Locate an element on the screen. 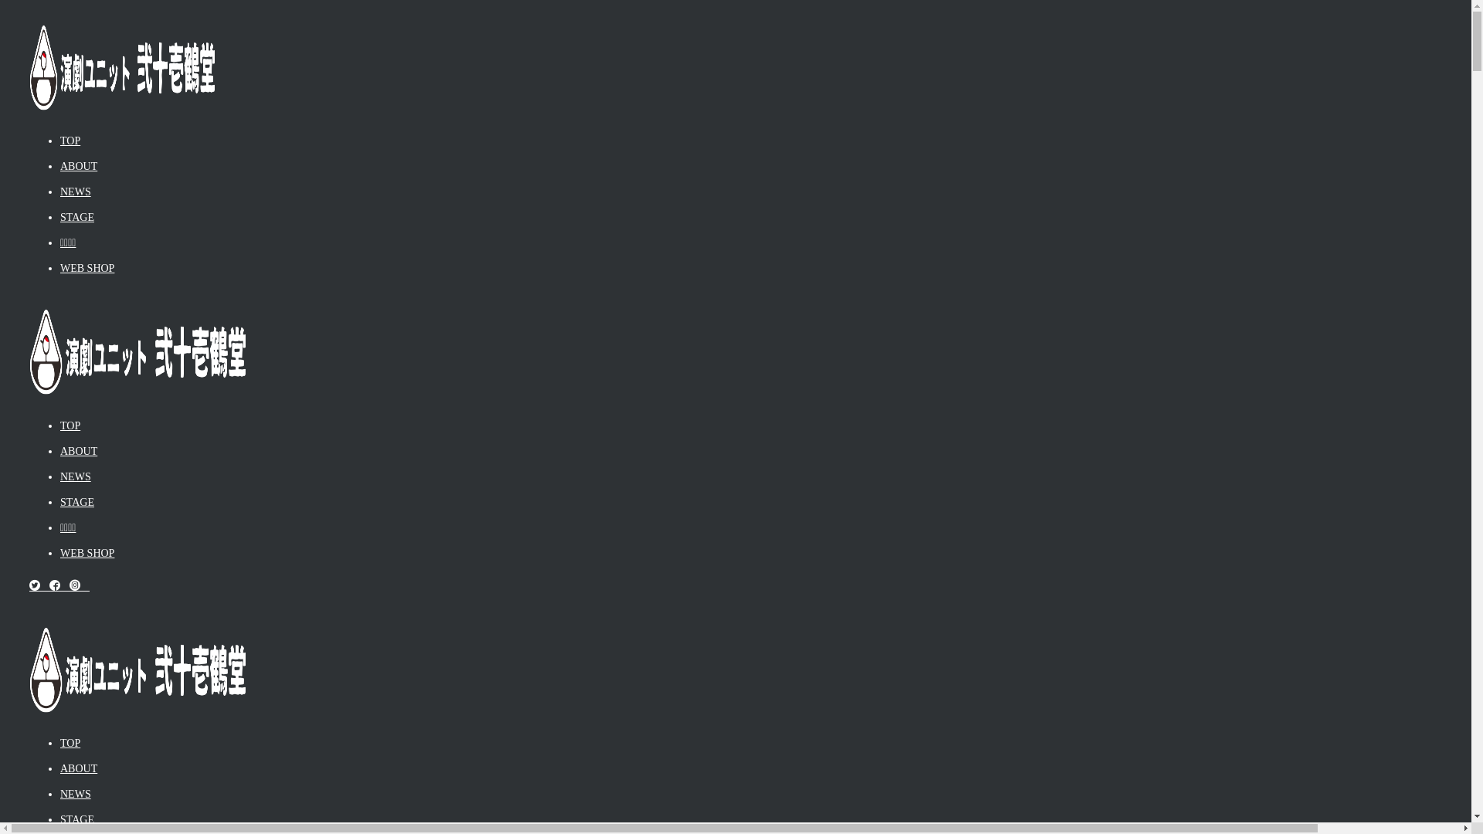 This screenshot has width=1483, height=834. 'STAGE' is located at coordinates (76, 819).